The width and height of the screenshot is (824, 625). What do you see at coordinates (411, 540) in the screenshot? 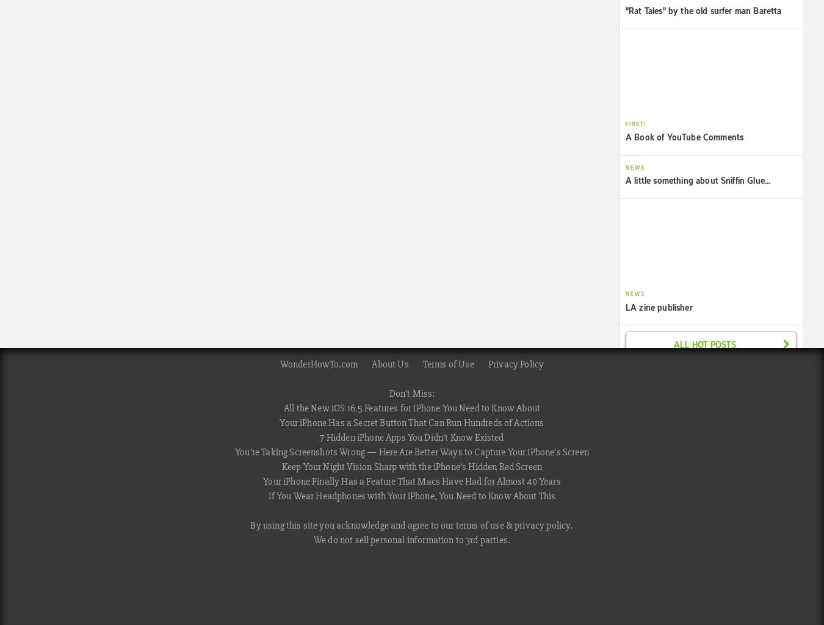
I see `'We do not sell personal information to 3rd parties.'` at bounding box center [411, 540].